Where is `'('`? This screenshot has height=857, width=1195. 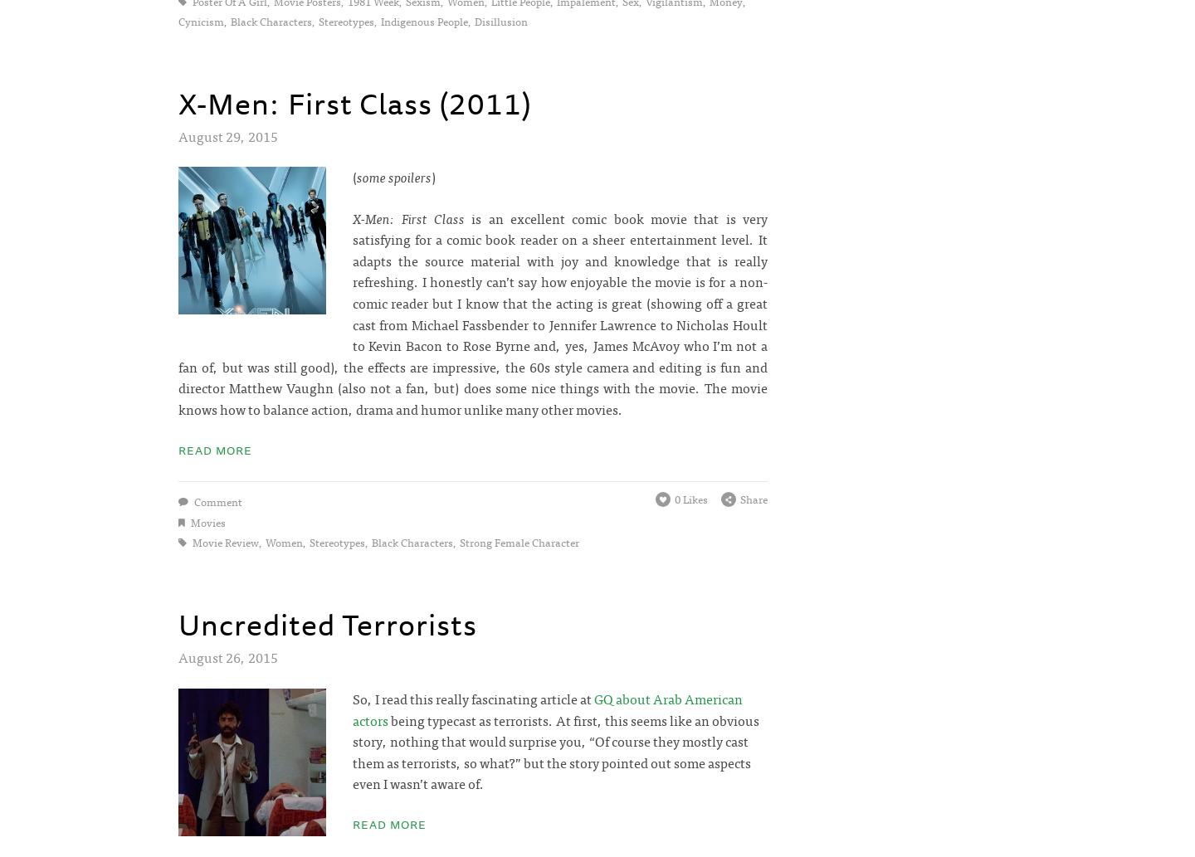
'(' is located at coordinates (351, 176).